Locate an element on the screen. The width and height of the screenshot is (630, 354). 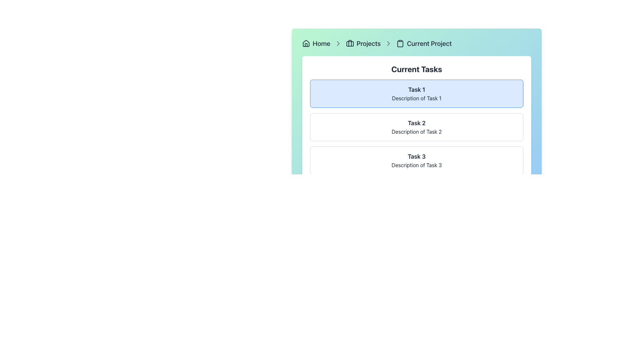
the 'Projects' hyperlink in the breadcrumb navigation bar is located at coordinates (363, 43).